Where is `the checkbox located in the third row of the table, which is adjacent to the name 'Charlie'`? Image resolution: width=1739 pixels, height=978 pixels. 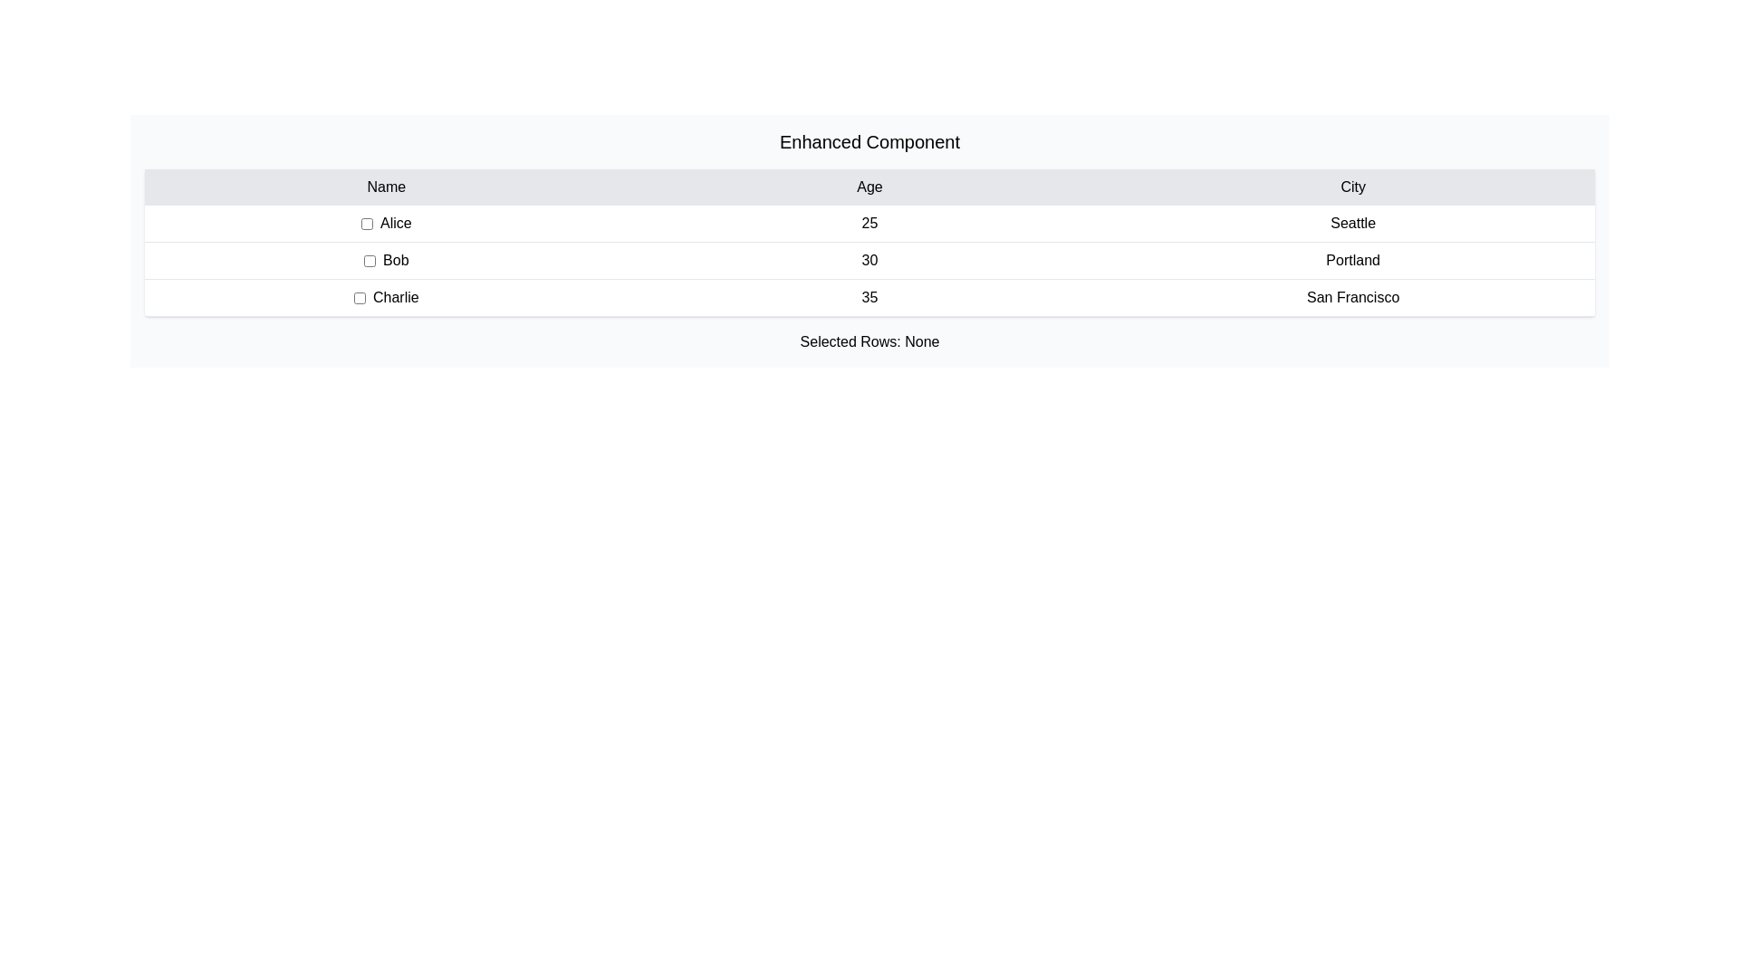 the checkbox located in the third row of the table, which is adjacent to the name 'Charlie' is located at coordinates (360, 296).